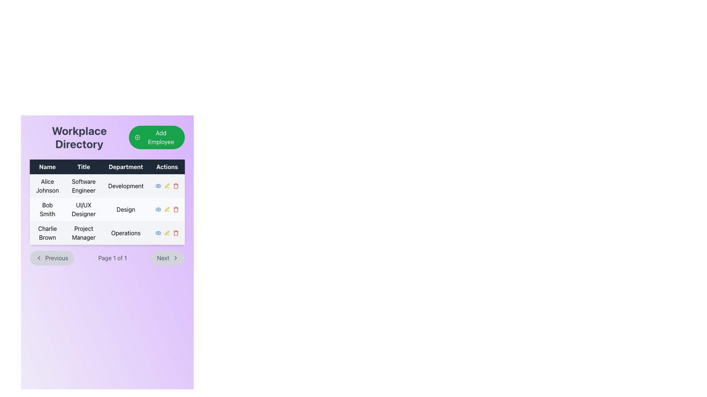 The height and width of the screenshot is (397, 707). Describe the element at coordinates (47, 167) in the screenshot. I see `the 'Name' header label, which is displayed in bold white text on a dark blue background, located in the top-left corner of the table header row` at that location.